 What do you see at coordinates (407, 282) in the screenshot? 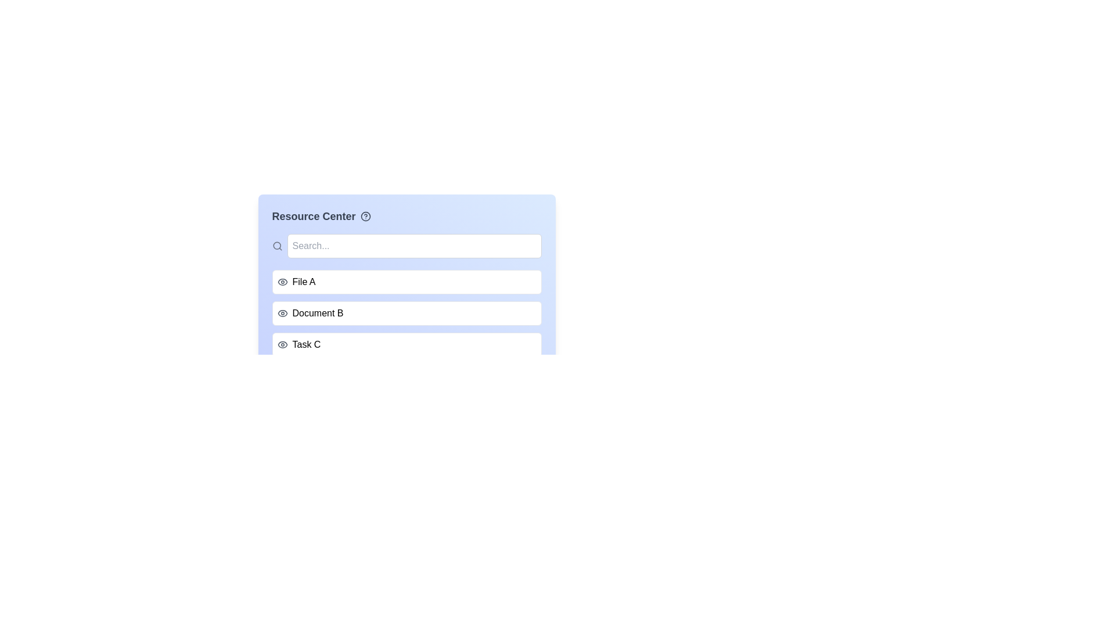
I see `the first list item labeled 'File A' in the 'Resource Center' section` at bounding box center [407, 282].